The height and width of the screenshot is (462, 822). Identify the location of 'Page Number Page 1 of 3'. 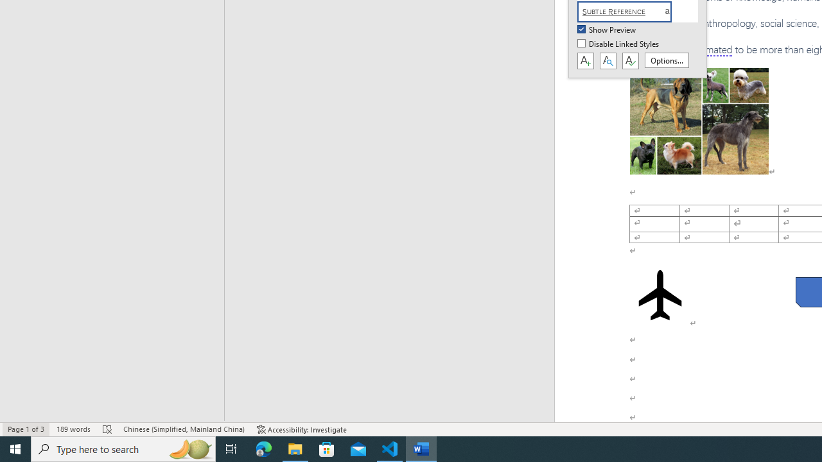
(26, 429).